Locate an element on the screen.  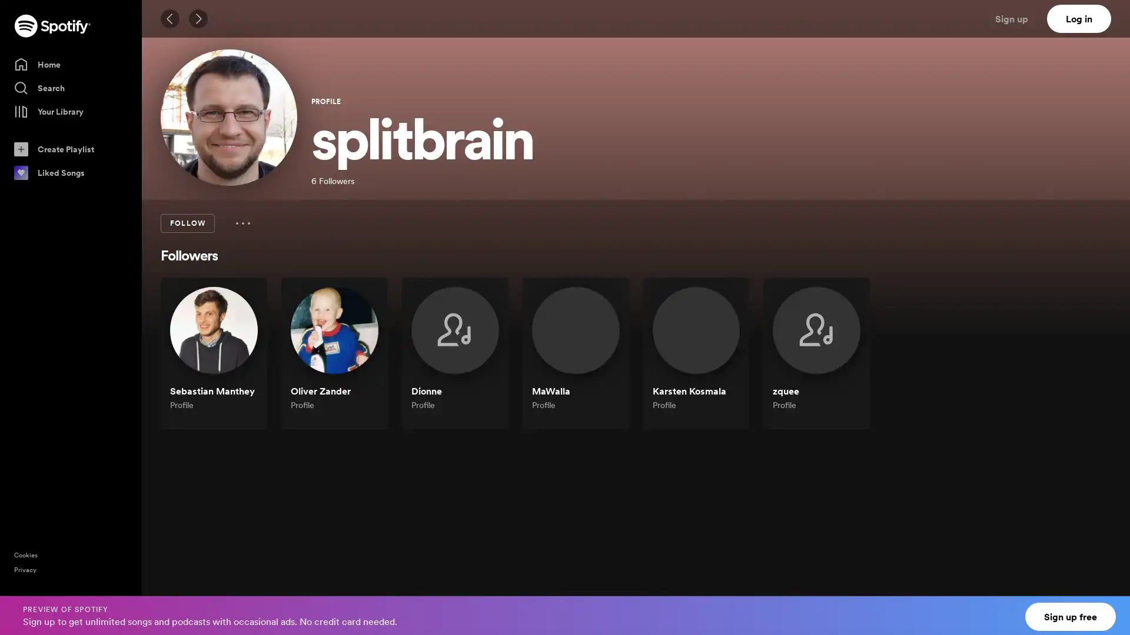
FOLLOW is located at coordinates (187, 223).